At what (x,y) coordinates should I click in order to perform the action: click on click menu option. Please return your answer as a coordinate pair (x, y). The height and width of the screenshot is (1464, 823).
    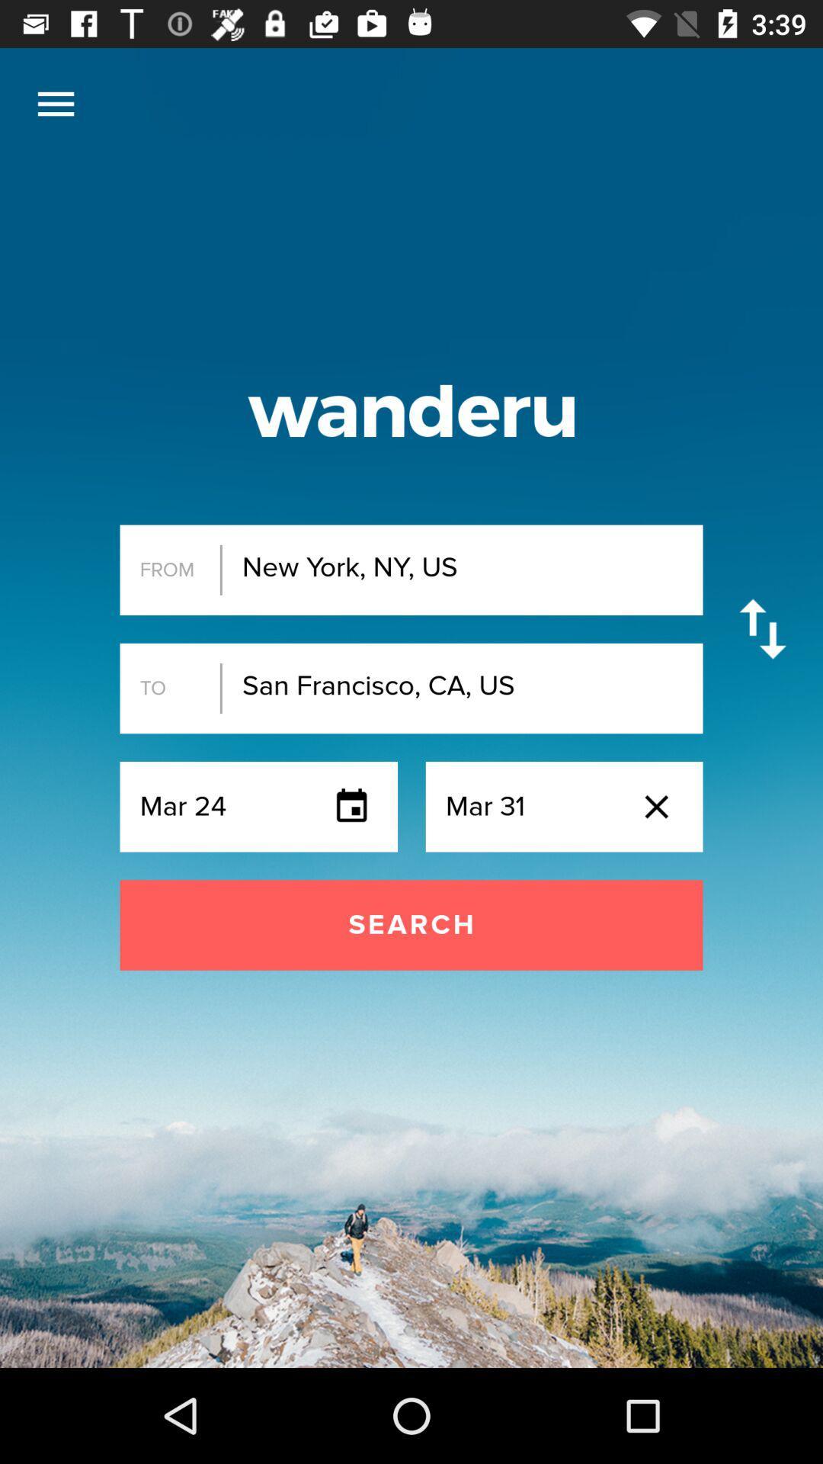
    Looking at the image, I should click on (55, 103).